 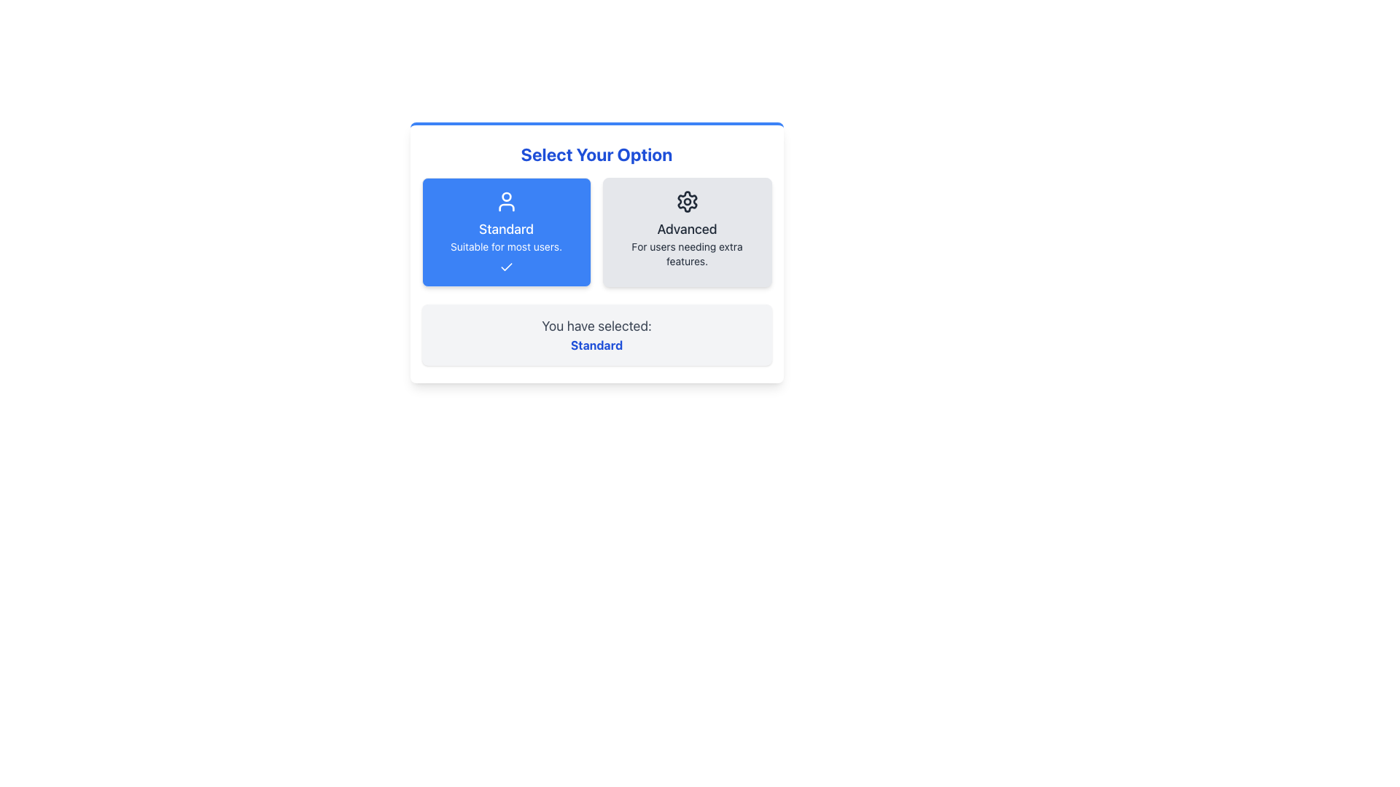 I want to click on the informational text label located within the left card labeled 'Standard', which provides descriptive information about the 'Standard' option. This text is positioned directly below the bold 'Standard' text and above a checkmark icon, so click(x=506, y=246).